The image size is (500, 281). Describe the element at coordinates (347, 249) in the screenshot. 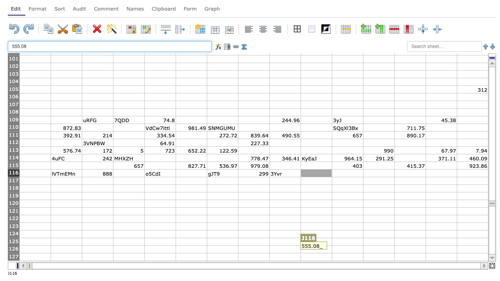

I see `Place cursor in K126` at that location.